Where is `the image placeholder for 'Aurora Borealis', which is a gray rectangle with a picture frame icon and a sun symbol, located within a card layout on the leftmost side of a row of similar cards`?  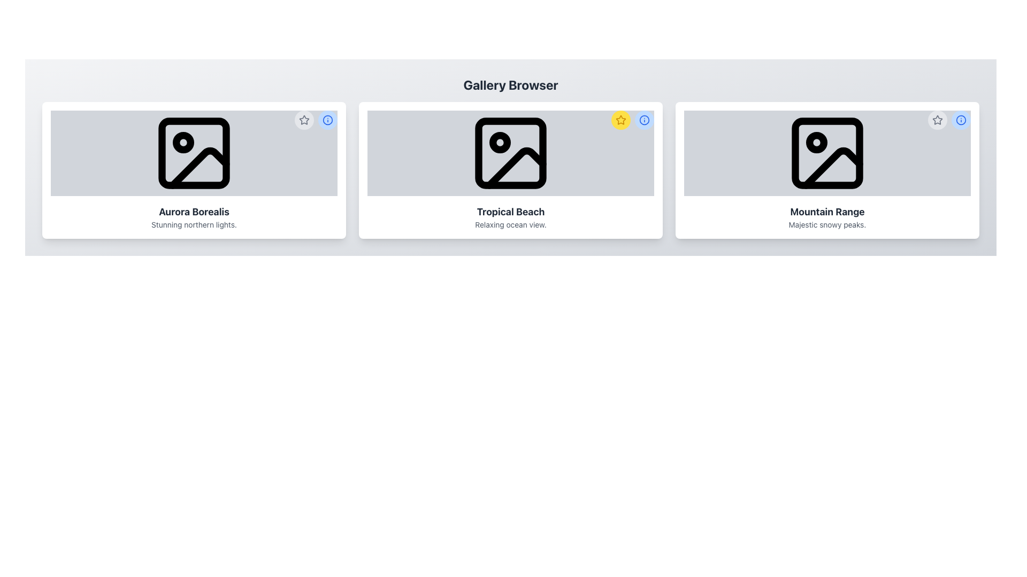
the image placeholder for 'Aurora Borealis', which is a gray rectangle with a picture frame icon and a sun symbol, located within a card layout on the leftmost side of a row of similar cards is located at coordinates (194, 153).